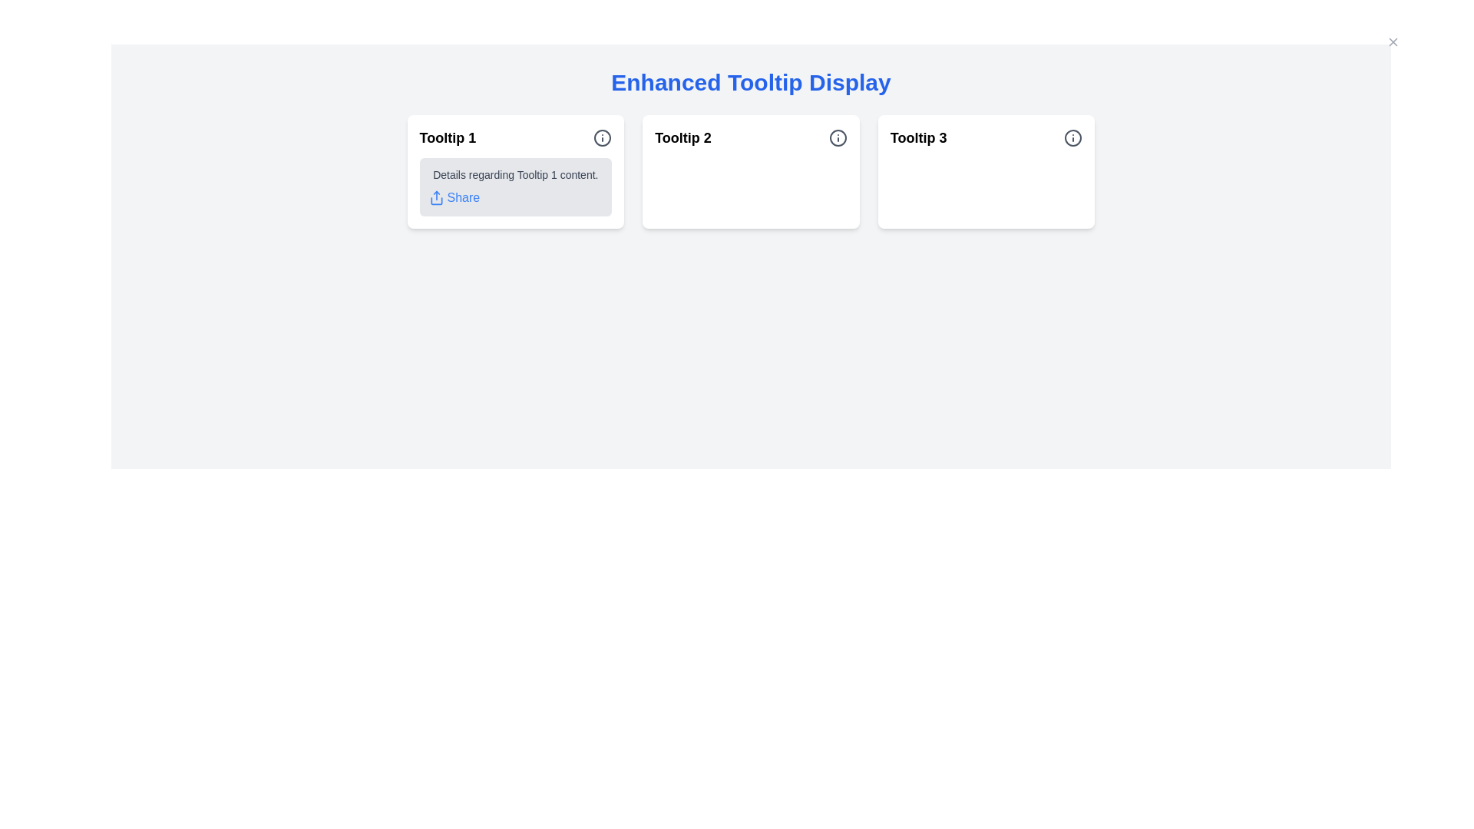 The height and width of the screenshot is (829, 1474). I want to click on the Text label providing descriptive information related to 'Tooltip 1', which is positioned above the 'Share' link and icon, so click(515, 173).